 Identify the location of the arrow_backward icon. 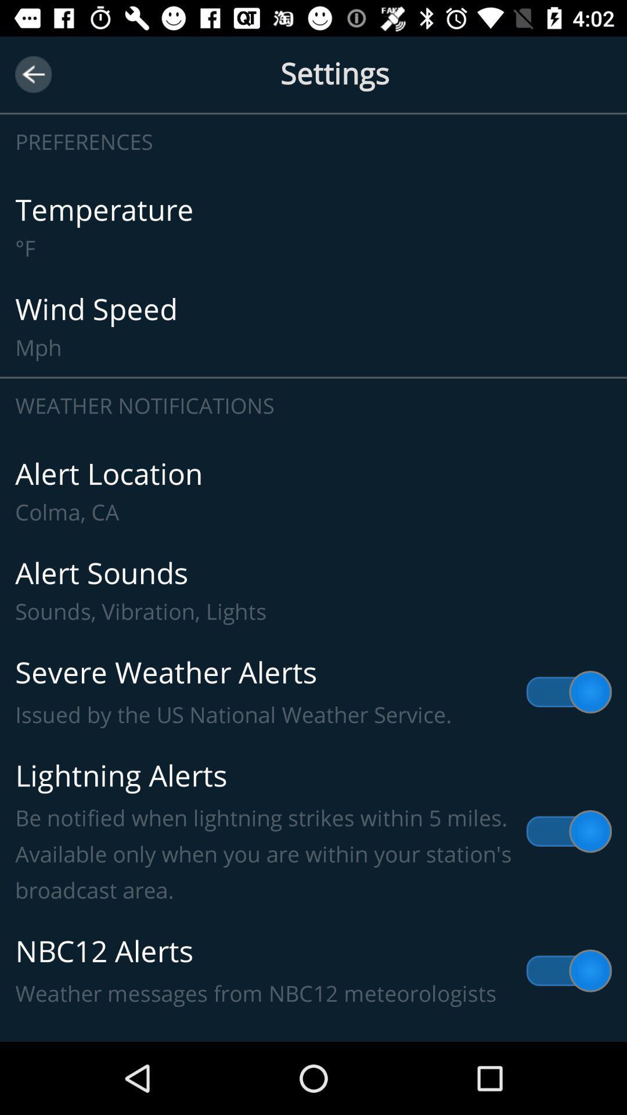
(33, 74).